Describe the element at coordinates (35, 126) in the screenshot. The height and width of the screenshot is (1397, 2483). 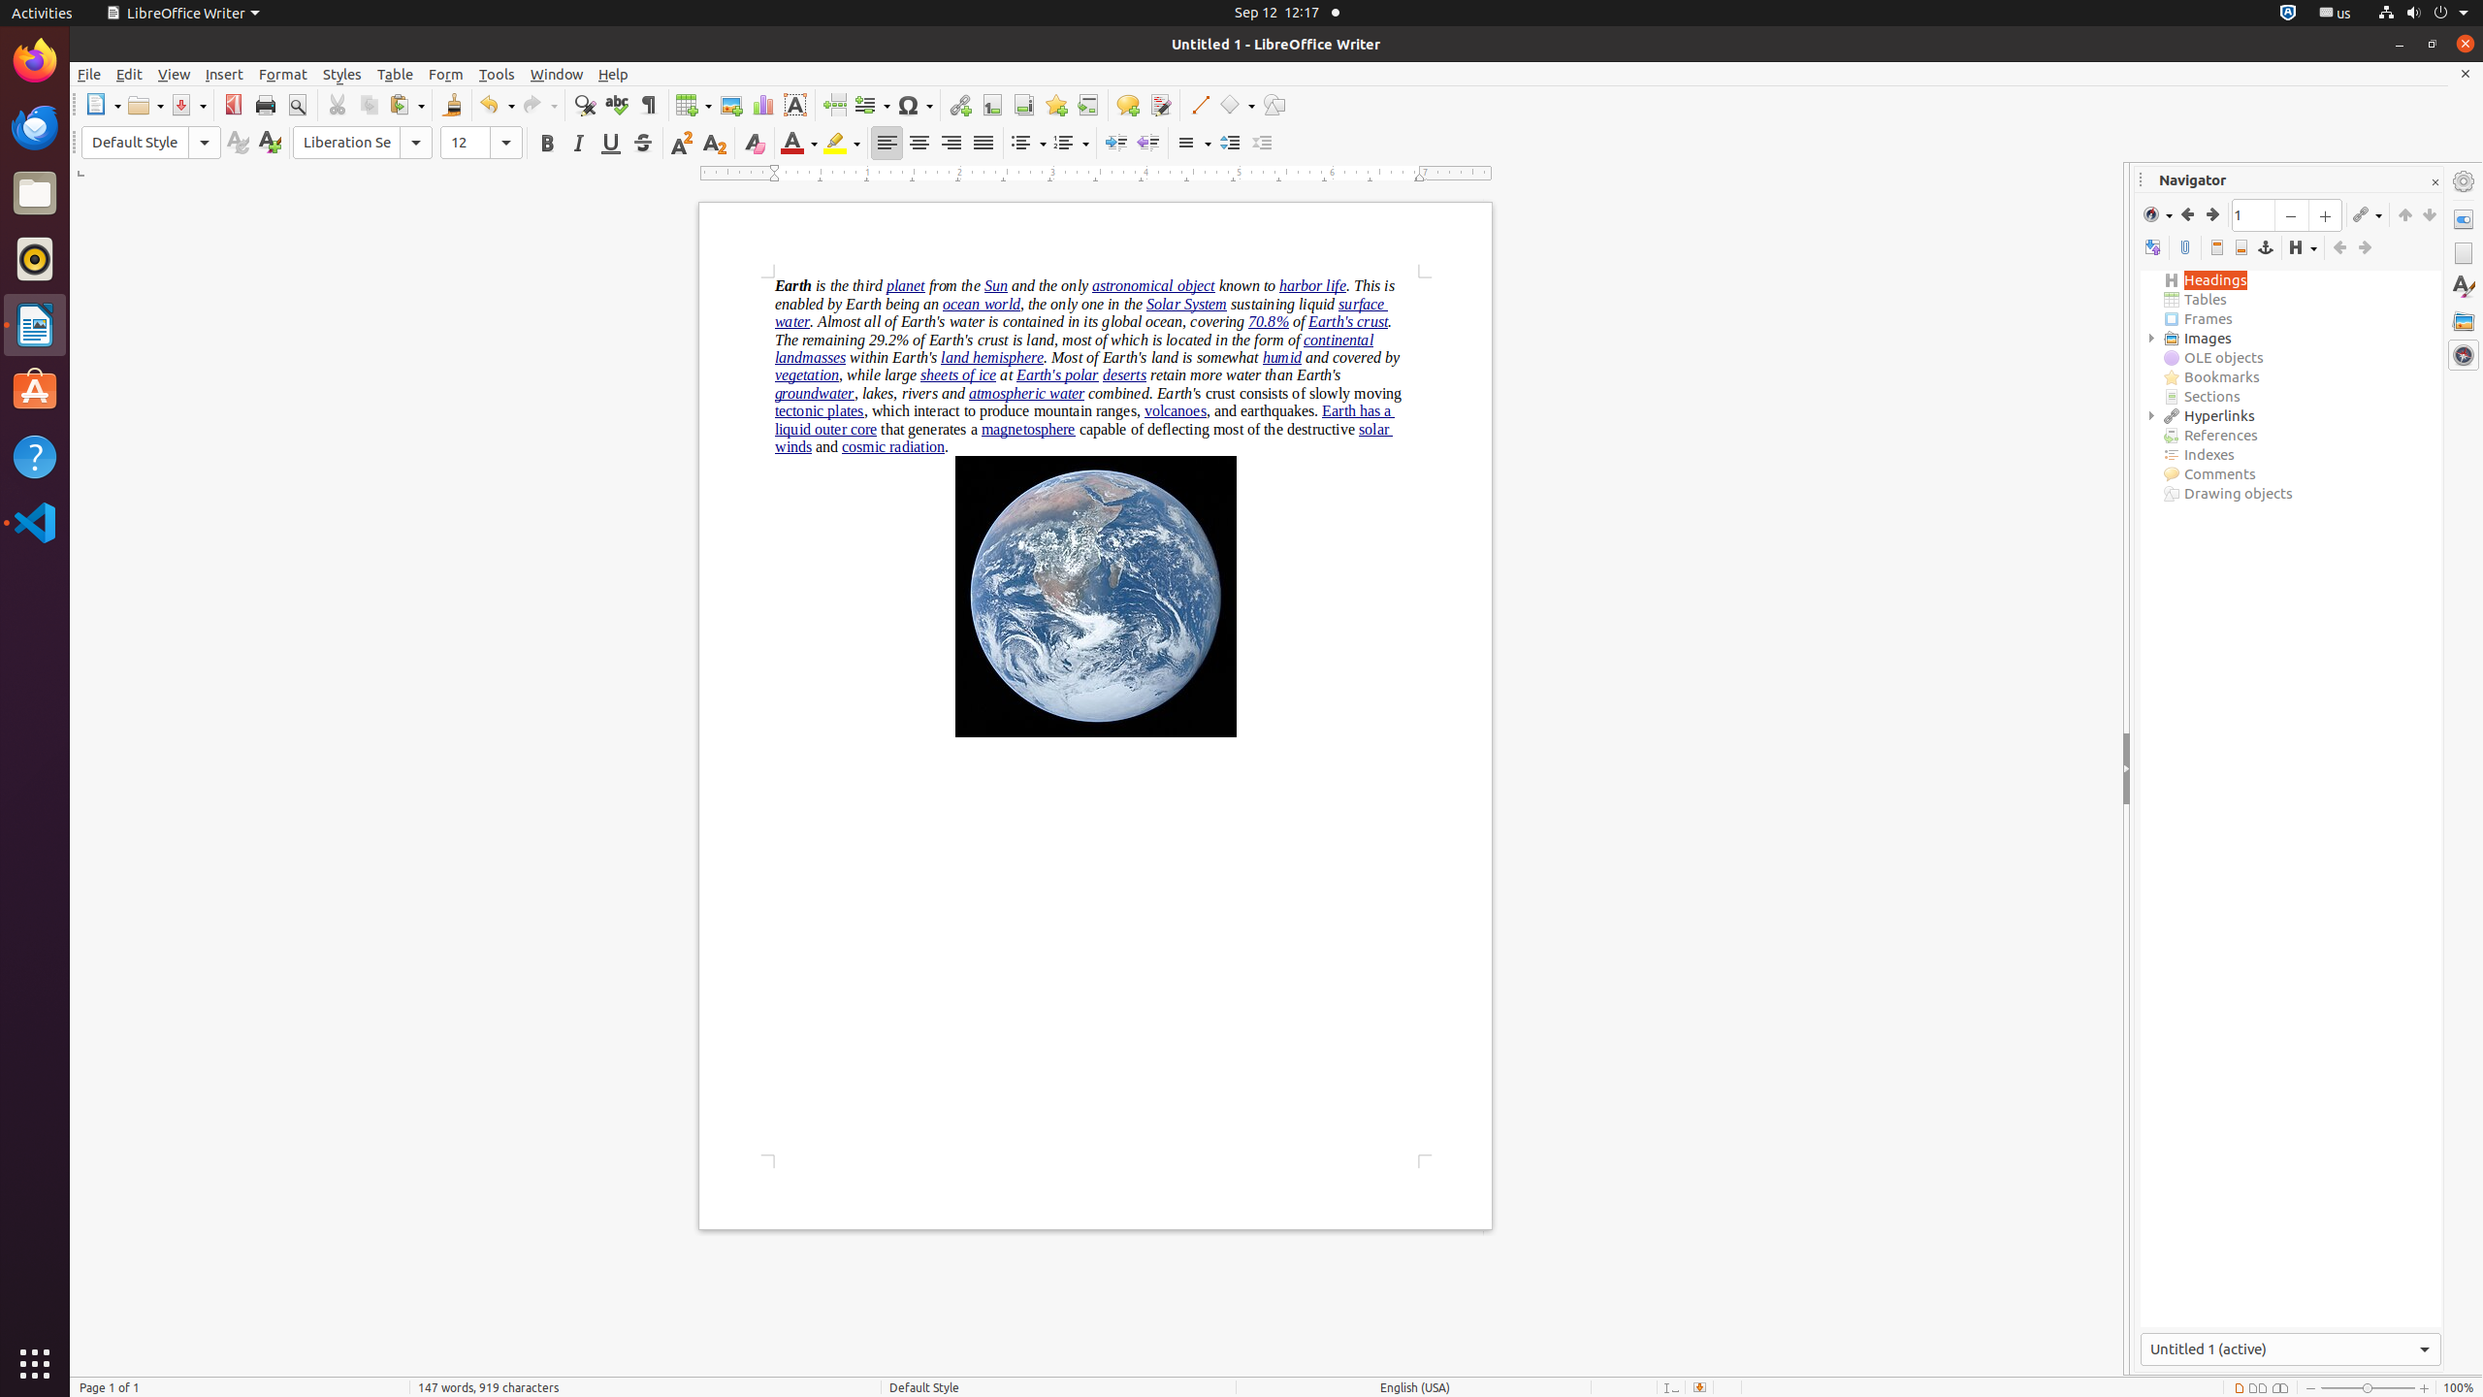
I see `'Thunderbird Mail'` at that location.